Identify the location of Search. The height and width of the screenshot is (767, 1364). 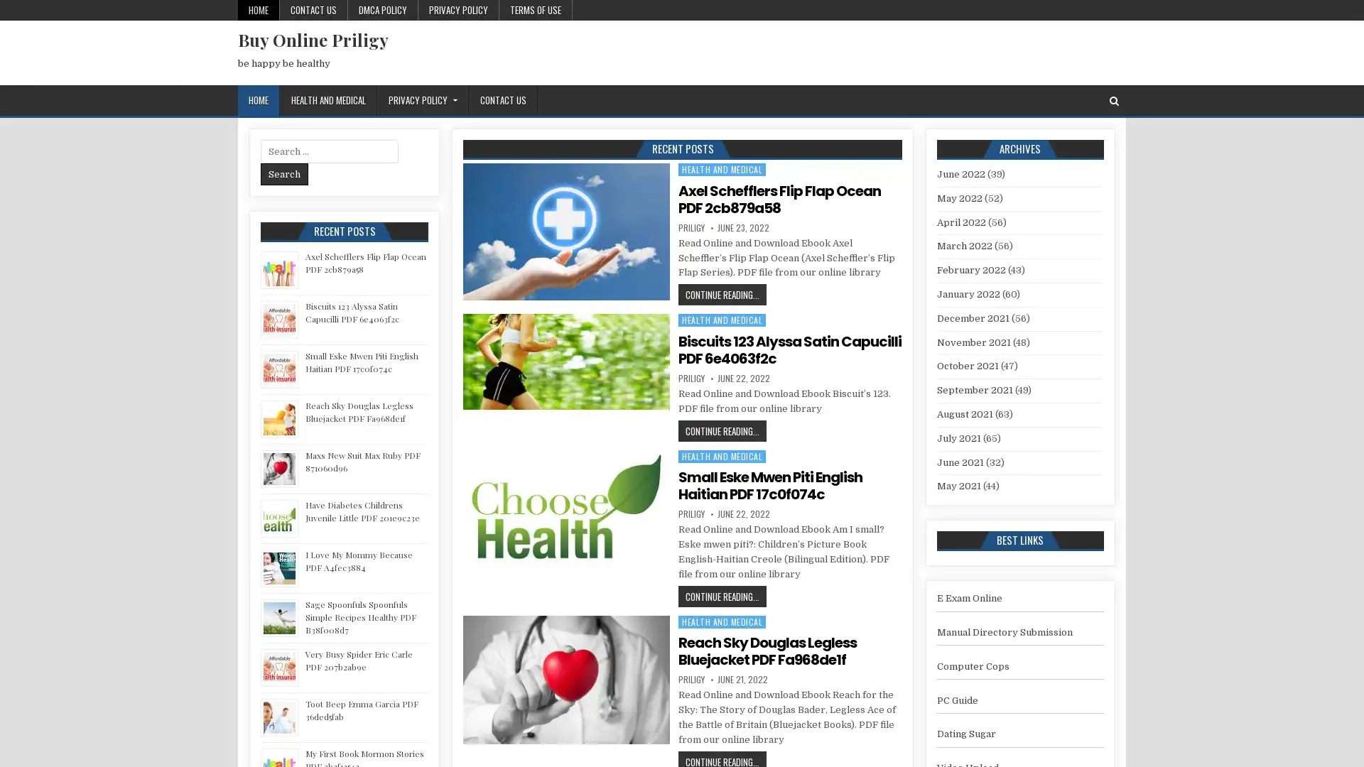
(284, 173).